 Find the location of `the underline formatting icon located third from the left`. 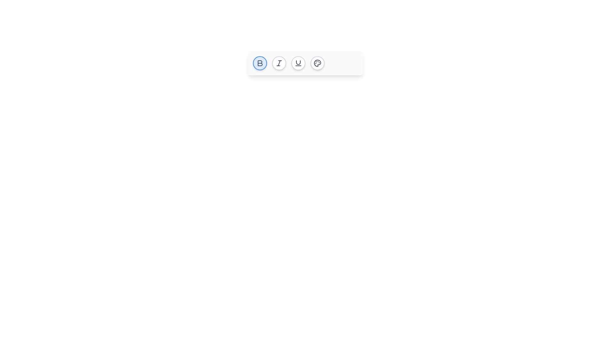

the underline formatting icon located third from the left is located at coordinates (298, 63).